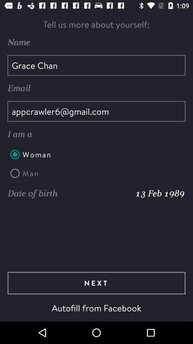 The width and height of the screenshot is (193, 344). What do you see at coordinates (96, 154) in the screenshot?
I see `the item below the i am a` at bounding box center [96, 154].